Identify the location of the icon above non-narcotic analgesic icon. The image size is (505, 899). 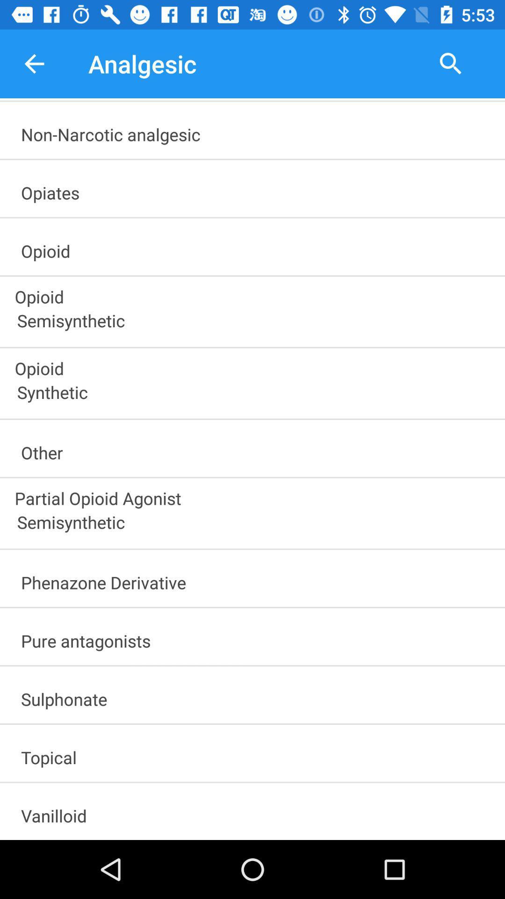
(34, 63).